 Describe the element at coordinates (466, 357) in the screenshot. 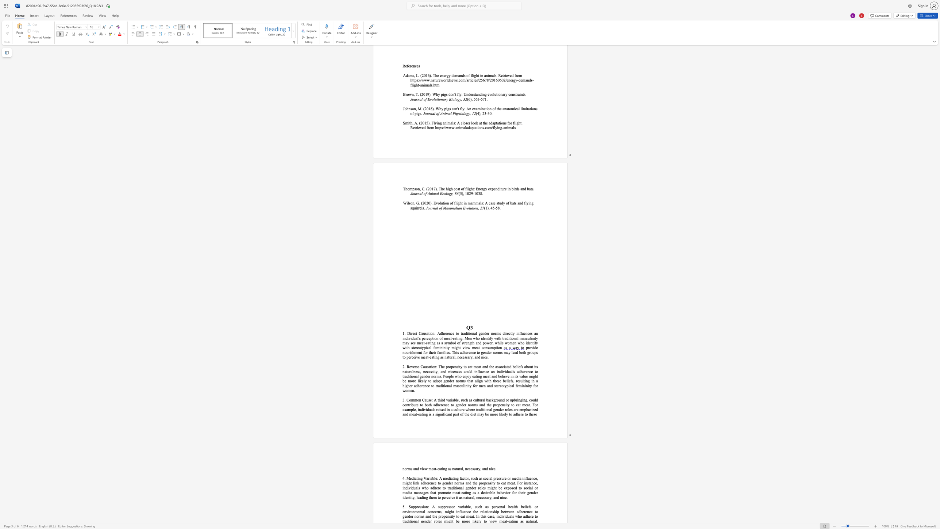

I see `the subset text "sary, and n" within the text "th groups to perceive meat-eating as natural, necessary, and nice."` at that location.